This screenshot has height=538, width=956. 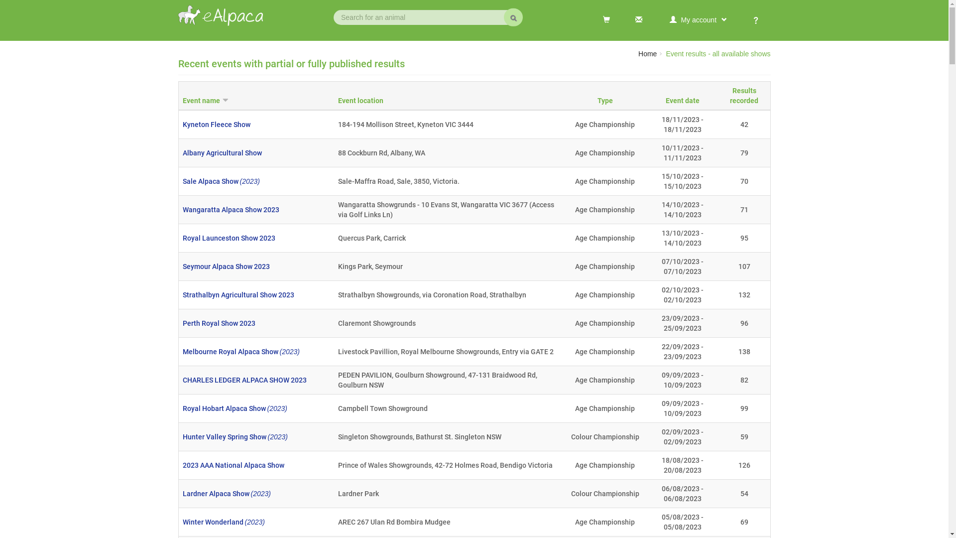 I want to click on 'Wangaratta Alpaca Show 2023', so click(x=230, y=209).